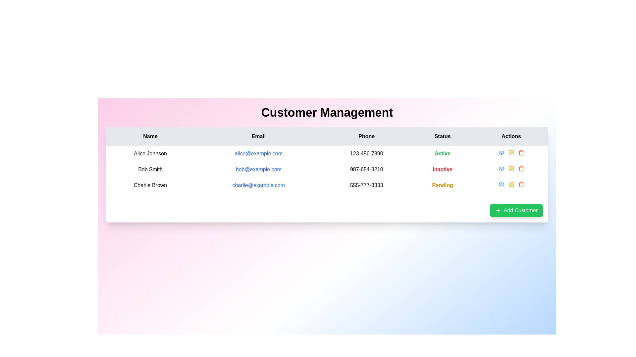 The image size is (636, 357). Describe the element at coordinates (516, 210) in the screenshot. I see `the 'Add New Customer' button located in the bottom-right corner of the section` at that location.